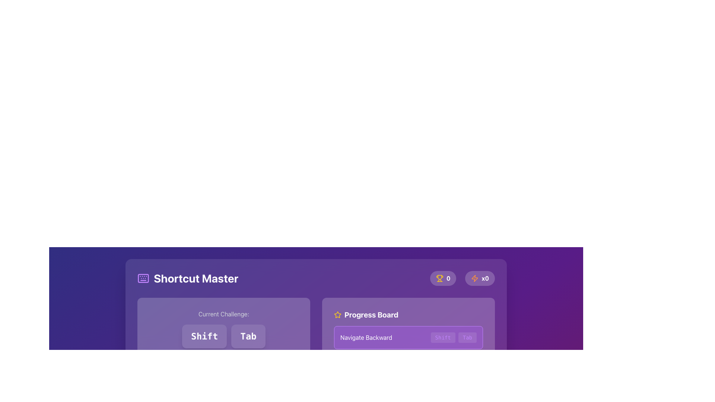  Describe the element at coordinates (467, 337) in the screenshot. I see `the 'Tab' key indicator button located in the 'Progress Board' under the 'Navigate Backward' section, which is the second button in a horizontal sequence` at that location.